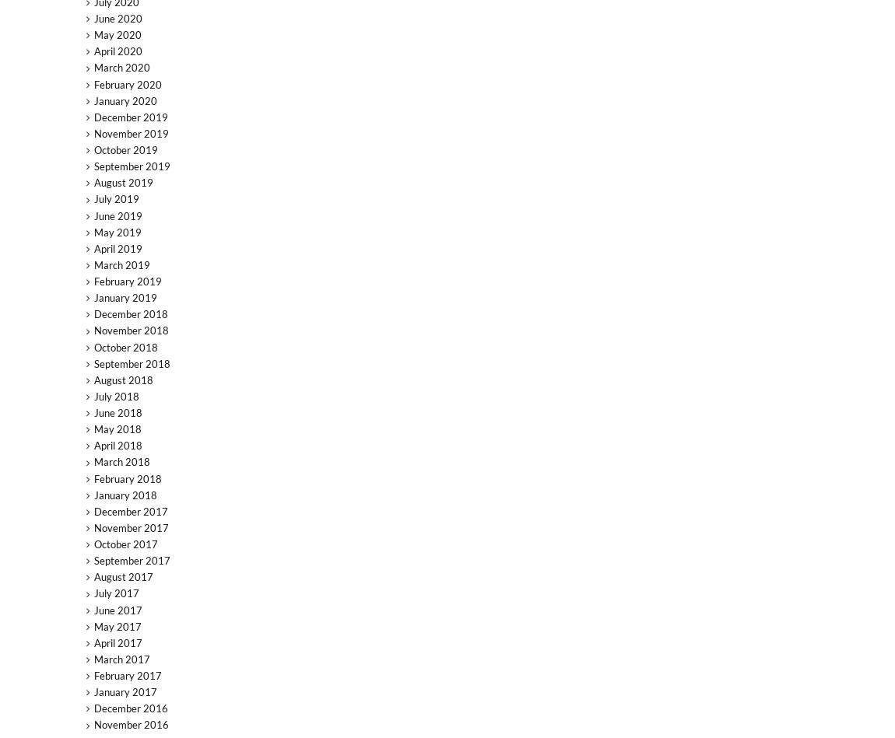 This screenshot has height=738, width=895. Describe the element at coordinates (92, 544) in the screenshot. I see `'October 2017'` at that location.